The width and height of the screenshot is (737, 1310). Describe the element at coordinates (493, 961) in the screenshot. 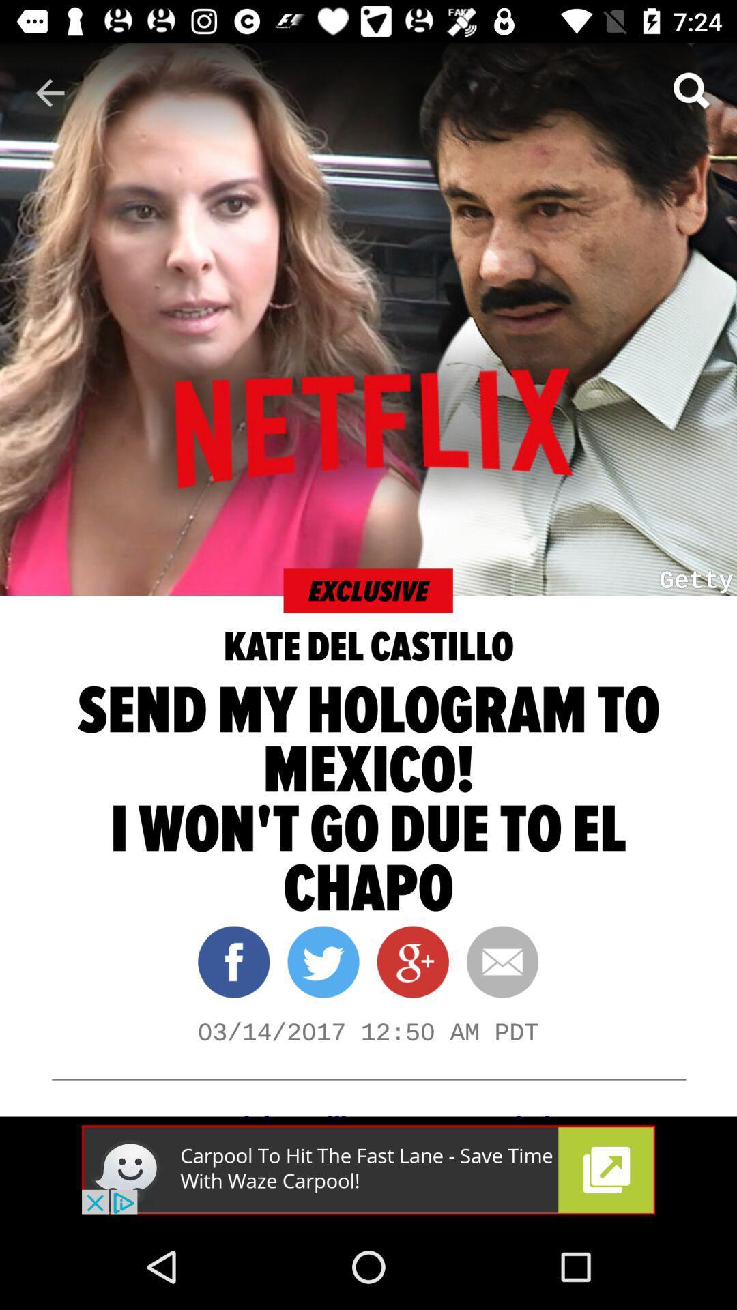

I see `the email icon` at that location.